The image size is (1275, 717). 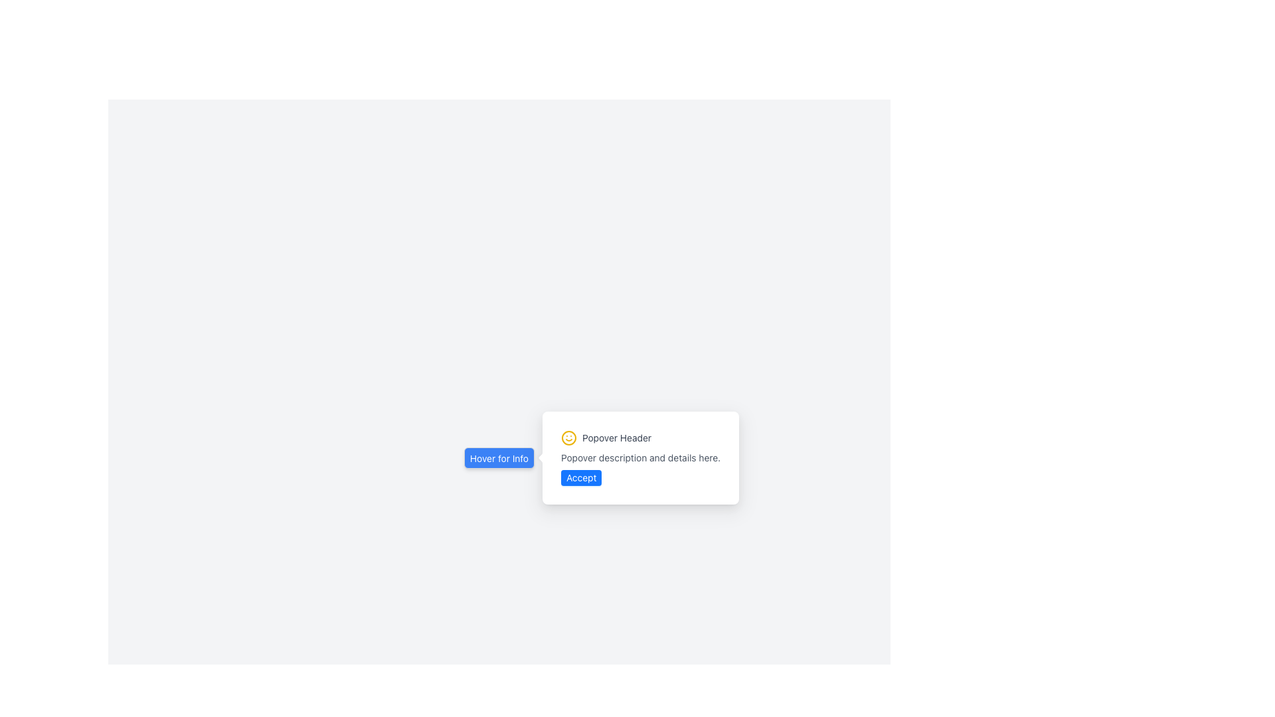 What do you see at coordinates (499, 457) in the screenshot?
I see `the interactive button located in the center of the interface, which displays a pop-up with additional details when hovered` at bounding box center [499, 457].